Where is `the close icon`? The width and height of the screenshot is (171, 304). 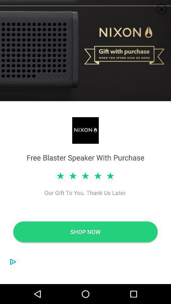
the close icon is located at coordinates (161, 9).